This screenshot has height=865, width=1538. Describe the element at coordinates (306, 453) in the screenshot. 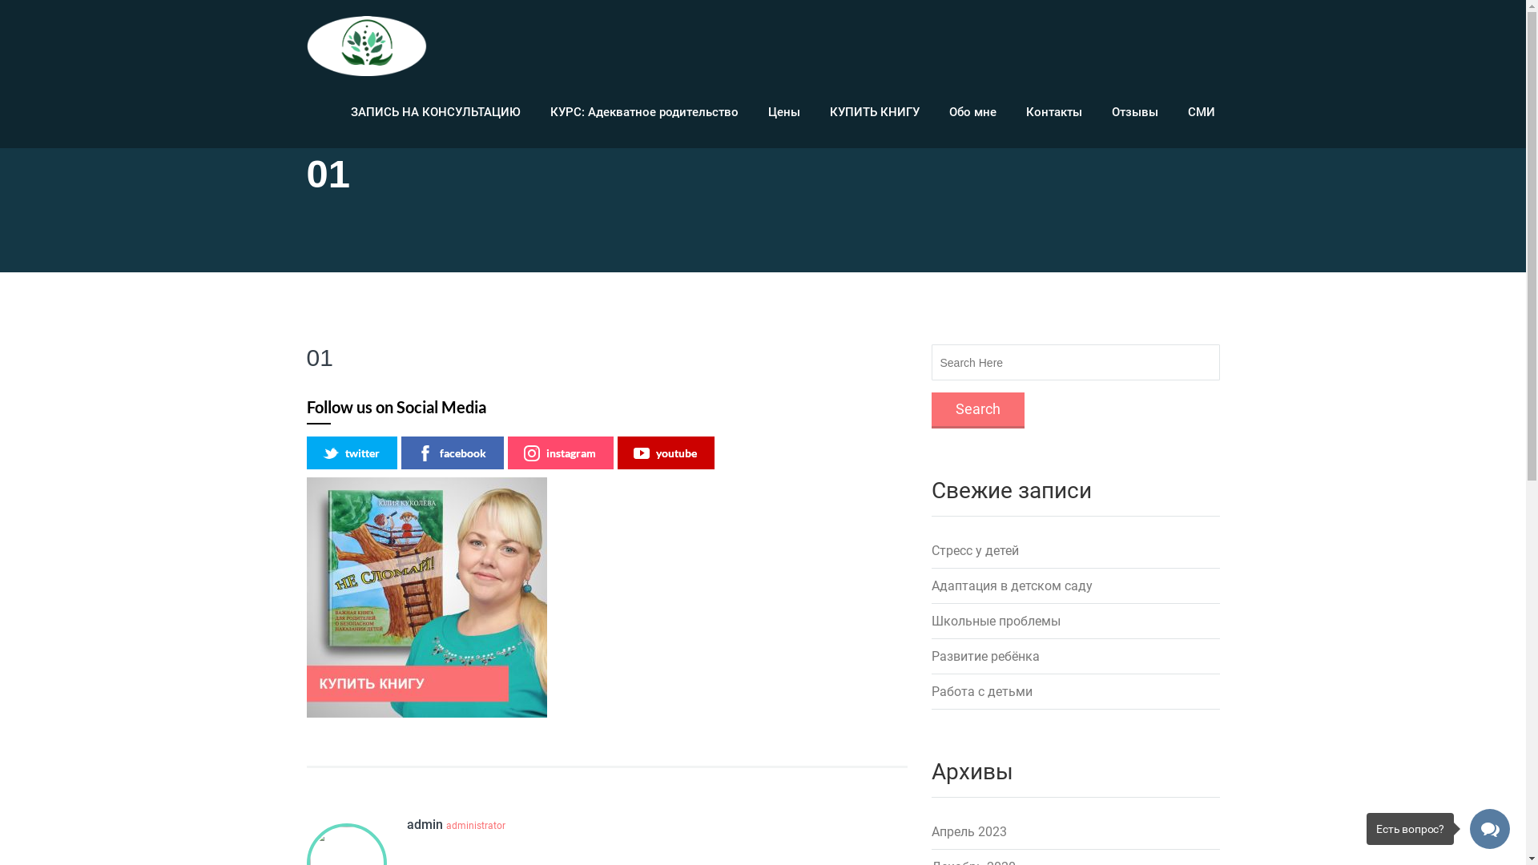

I see `'twitter'` at that location.